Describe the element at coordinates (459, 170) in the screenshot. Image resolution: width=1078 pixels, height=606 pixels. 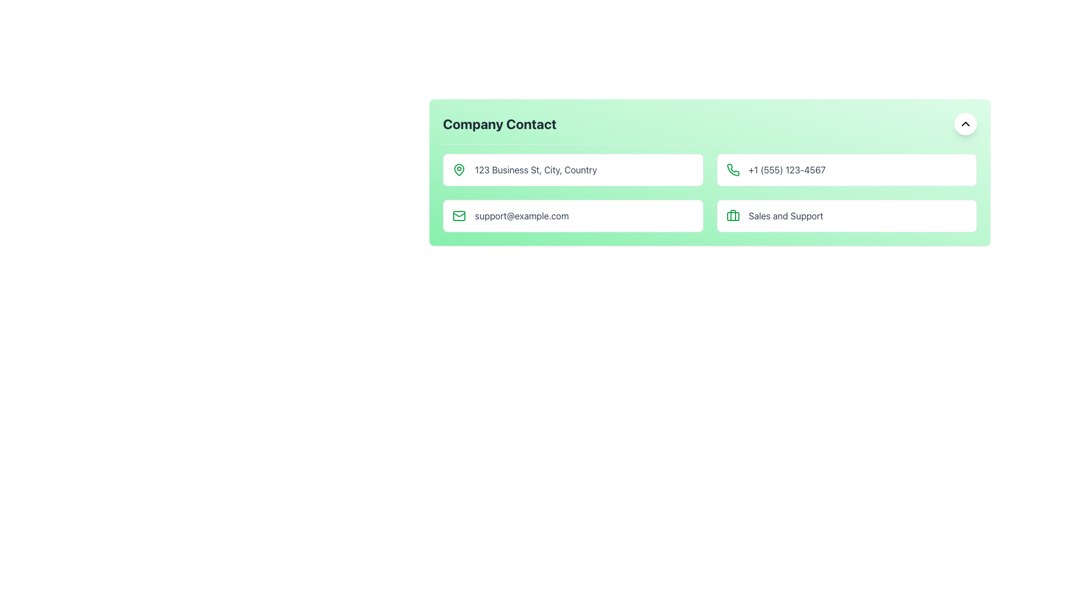
I see `the green map pin icon located to the left of the address text '123 Business St, City, Country' within the card-style layout` at that location.